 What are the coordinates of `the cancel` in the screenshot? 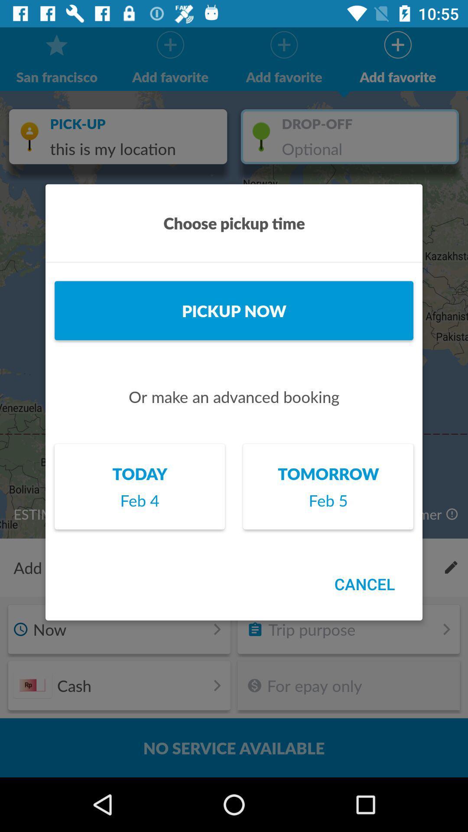 It's located at (364, 584).